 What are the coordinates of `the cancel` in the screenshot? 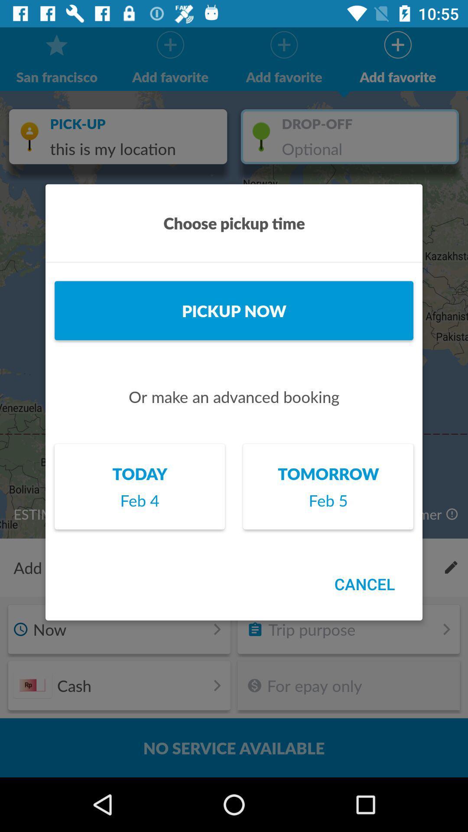 It's located at (364, 584).